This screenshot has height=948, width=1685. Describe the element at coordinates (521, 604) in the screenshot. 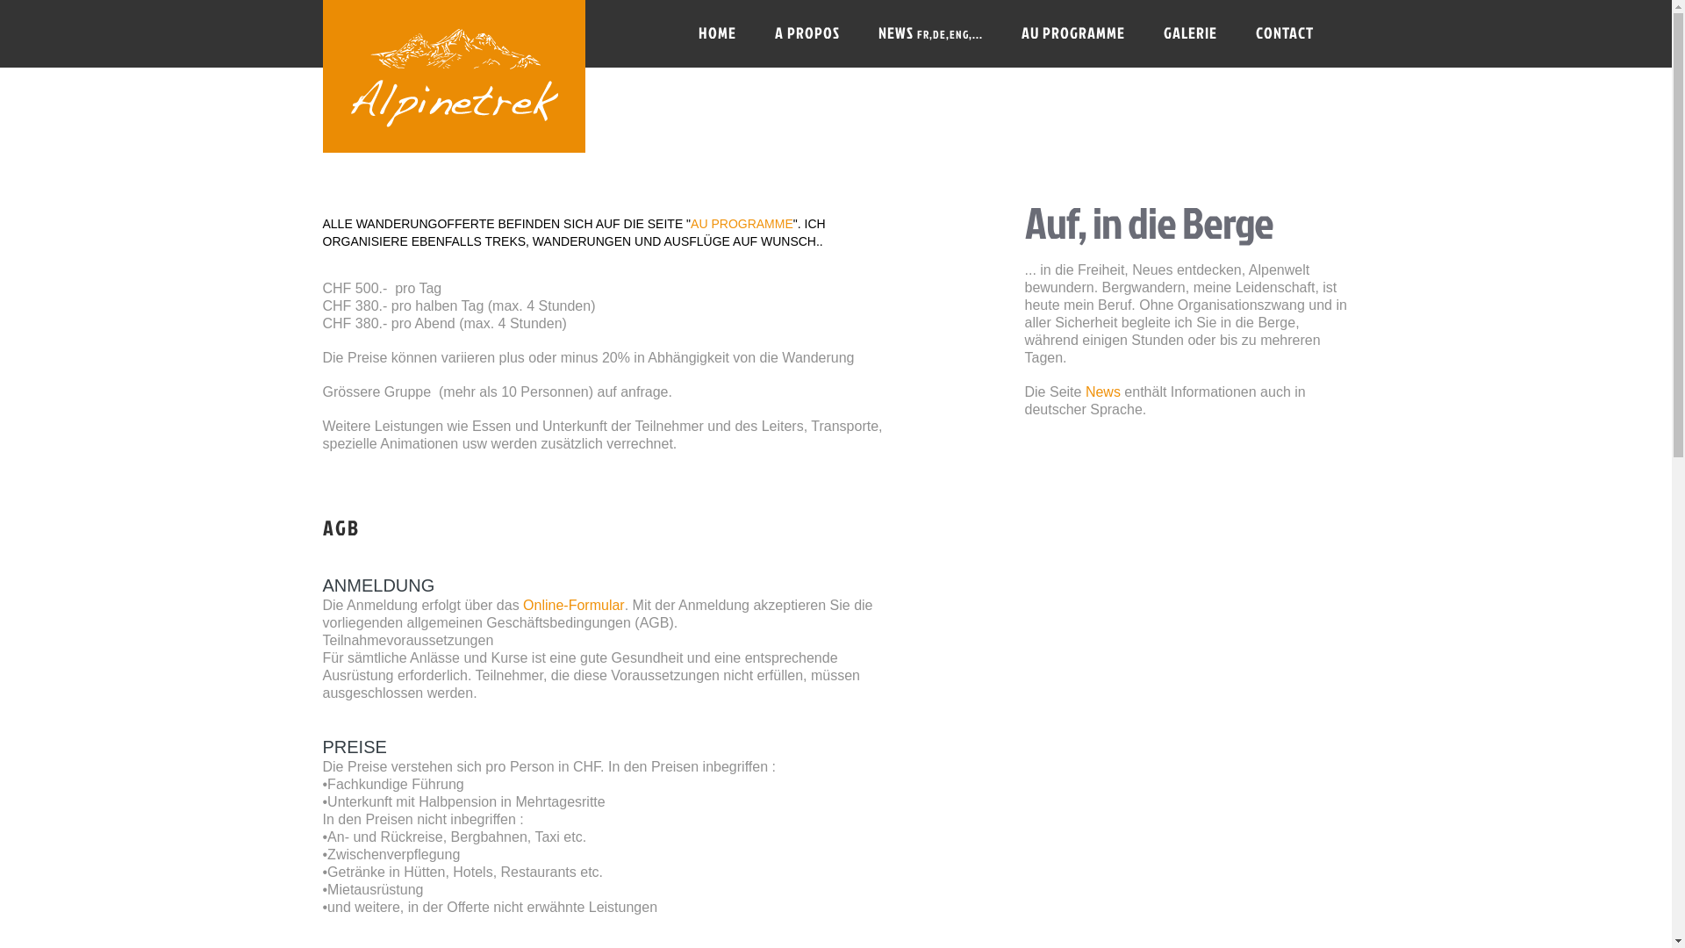

I see `'Online-Formular'` at that location.